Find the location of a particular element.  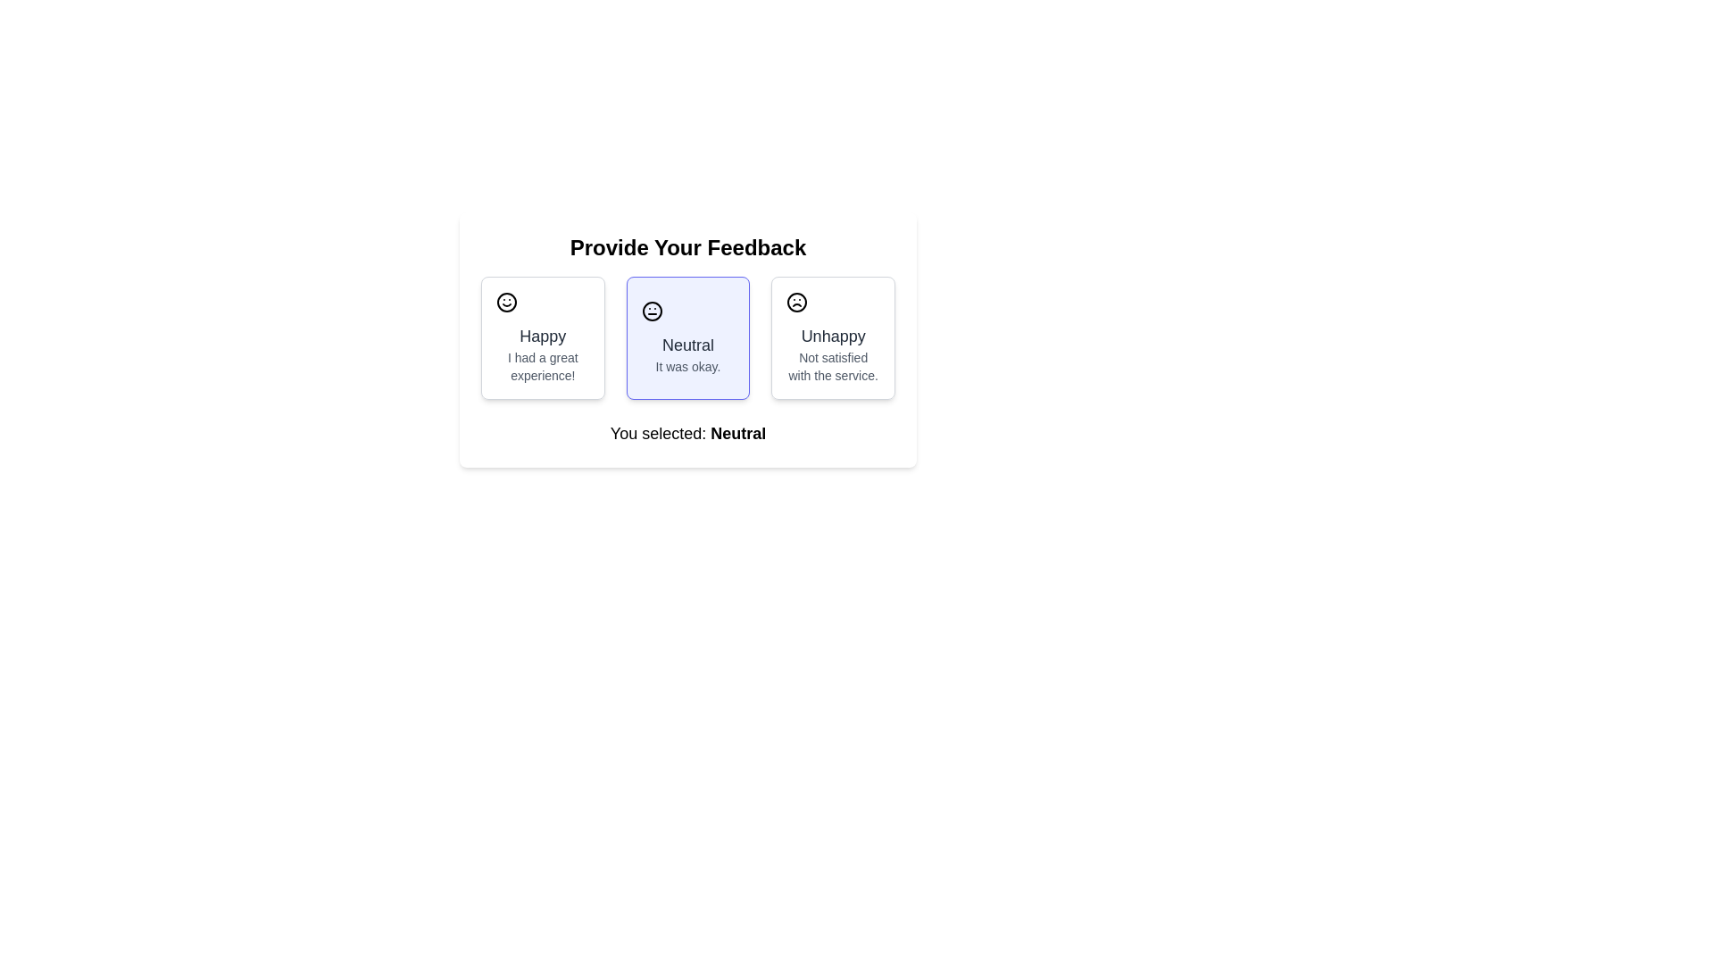

the text label 'Unhappy' which is styled with a large font size and medium font weight, located within a feedback card, directly below the unhappy face icon is located at coordinates (832, 337).